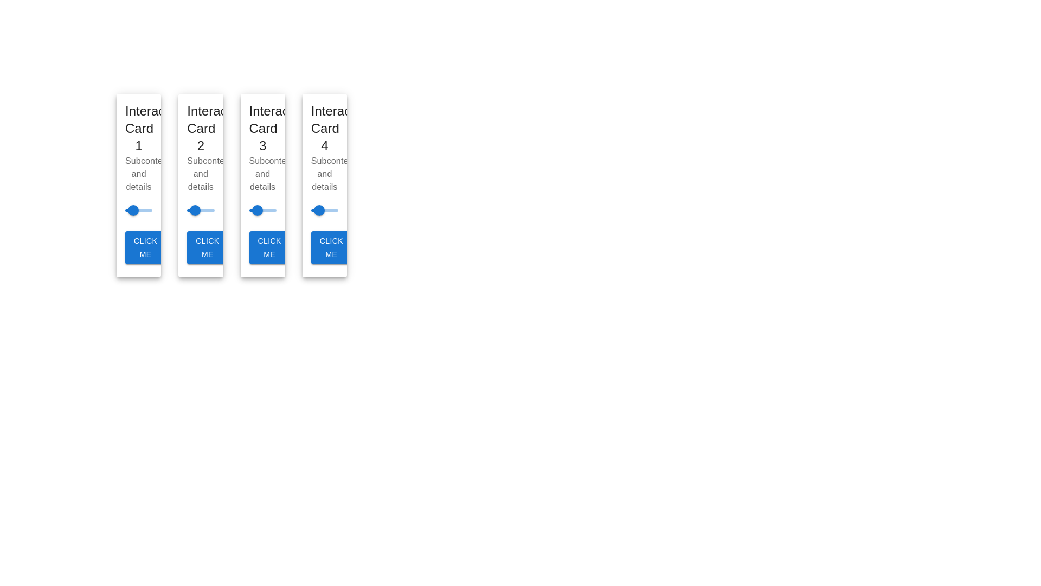 The width and height of the screenshot is (1041, 586). Describe the element at coordinates (145, 247) in the screenshot. I see `the interactive button located at the bottom of the first card, directly below the text 'Interactive Card 1' and a slider component` at that location.